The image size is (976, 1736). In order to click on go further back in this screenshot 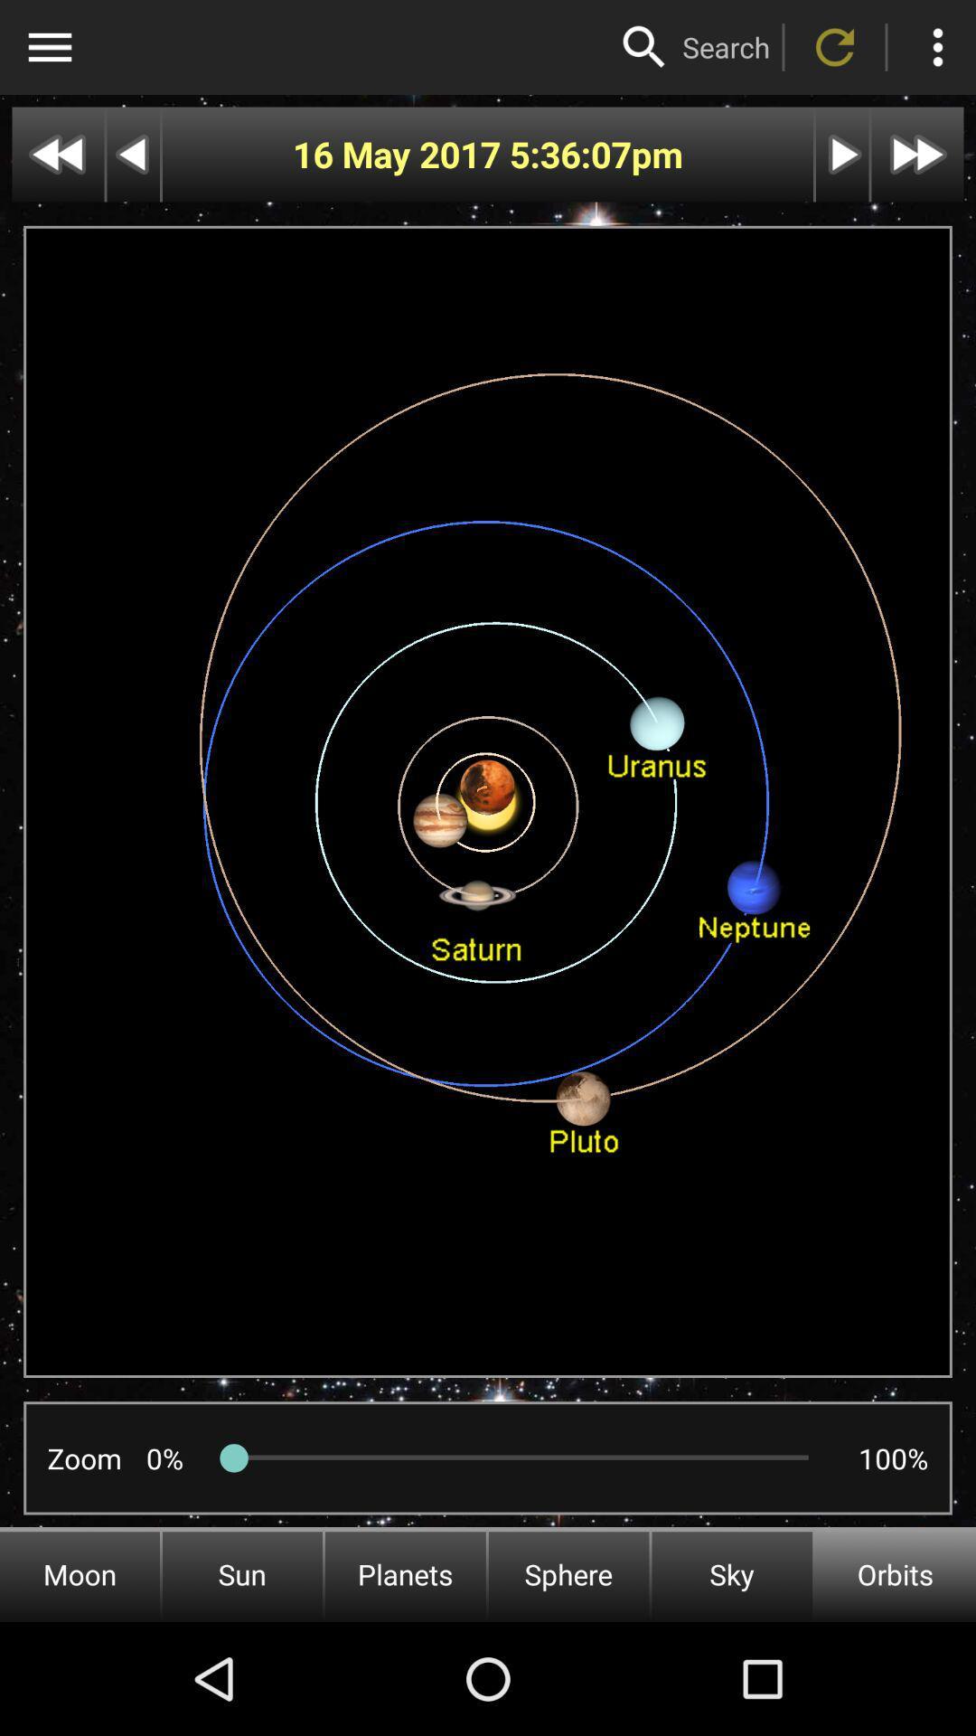, I will do `click(57, 155)`.